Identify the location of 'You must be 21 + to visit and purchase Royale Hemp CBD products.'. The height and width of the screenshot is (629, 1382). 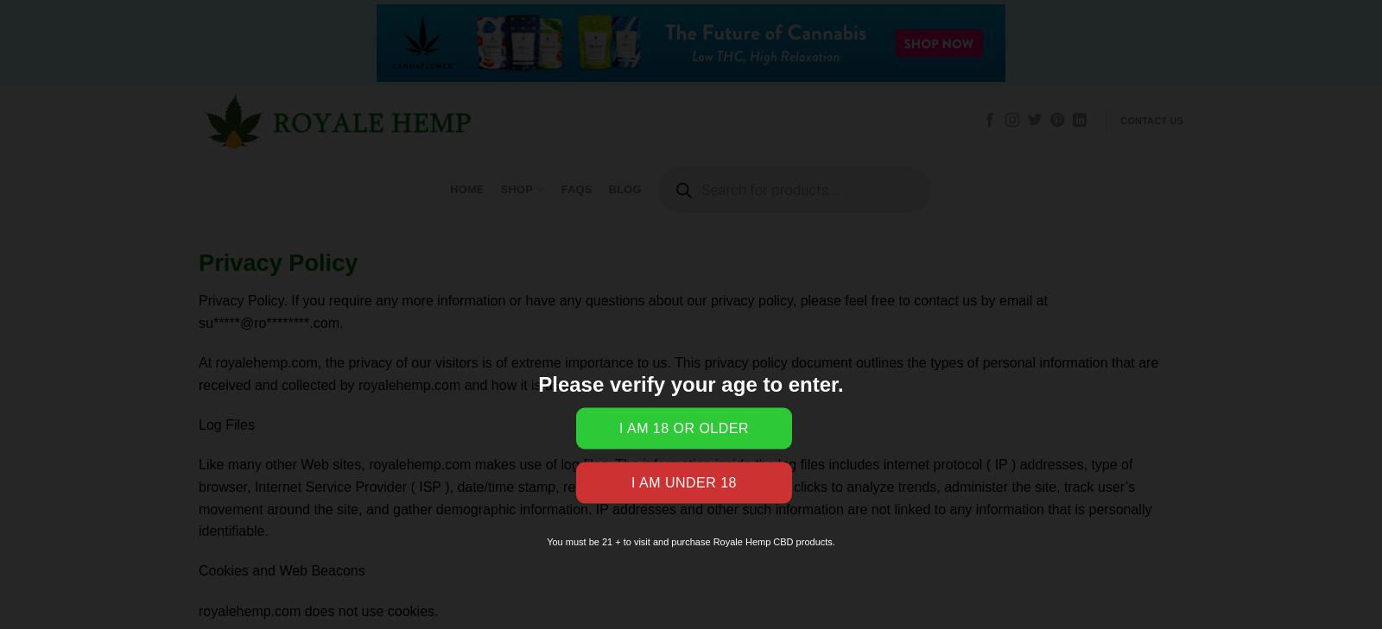
(690, 541).